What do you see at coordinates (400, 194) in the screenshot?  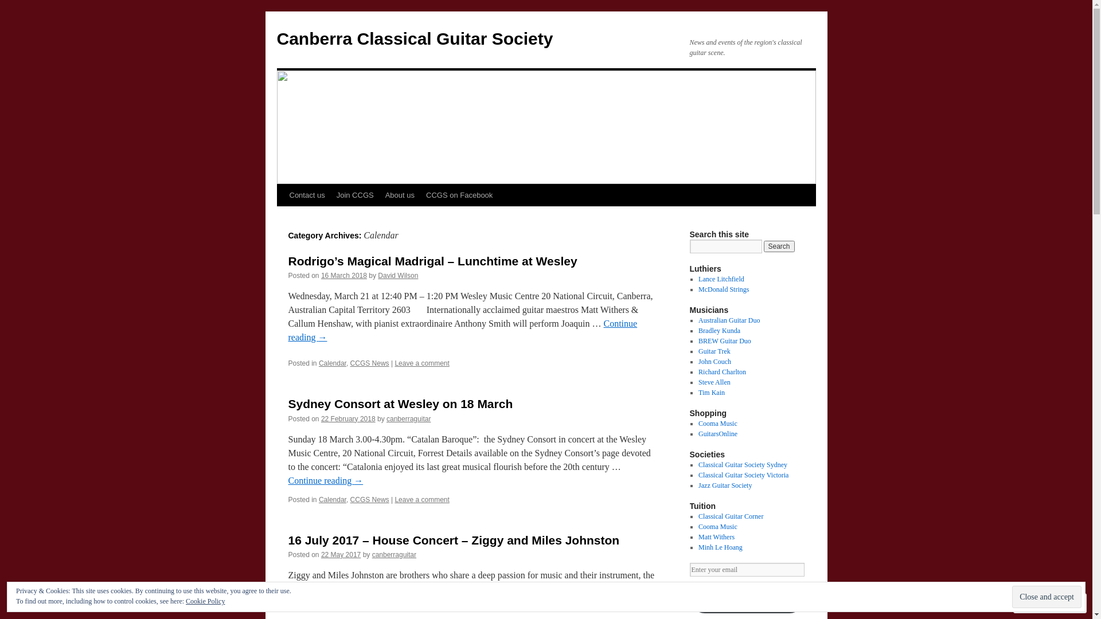 I see `'About us'` at bounding box center [400, 194].